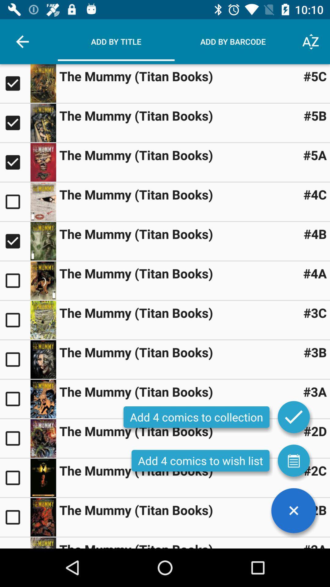 The image size is (330, 587). I want to click on checkbox, so click(15, 280).